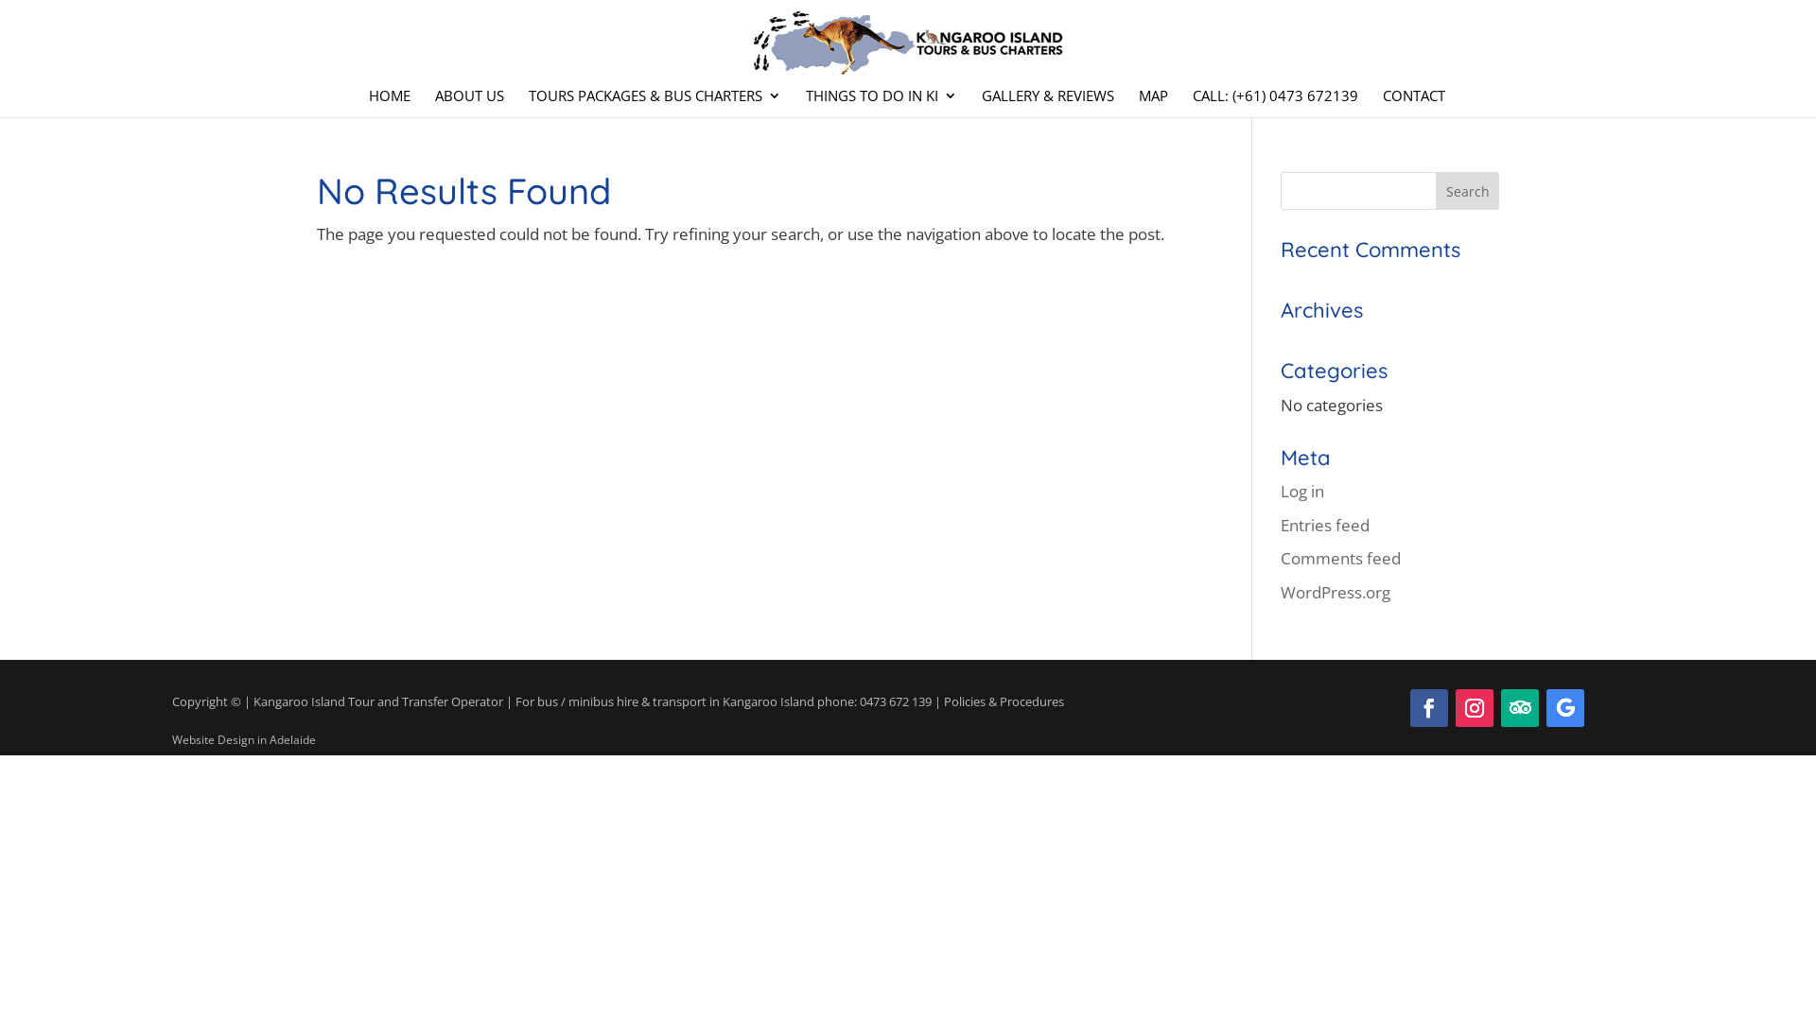 The image size is (1816, 1021). I want to click on 'MAP', so click(1152, 102).